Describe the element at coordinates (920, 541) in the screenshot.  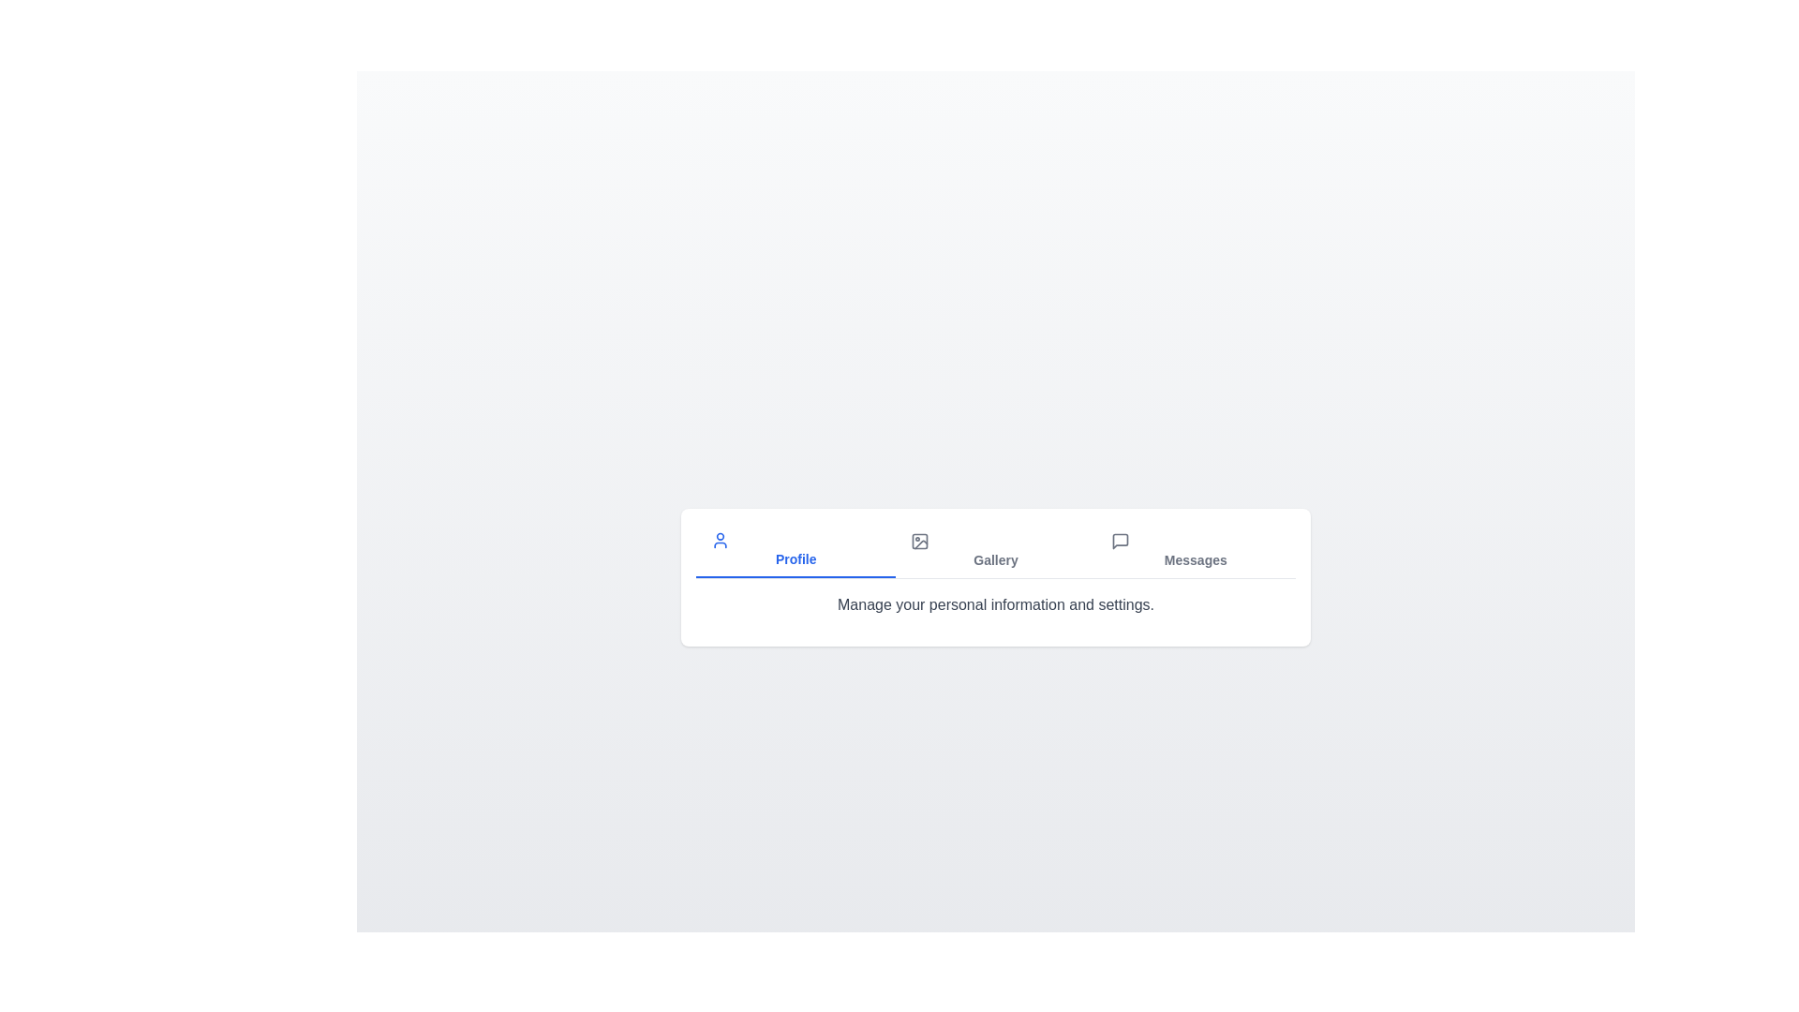
I see `the icon associated with the Gallery tab` at that location.